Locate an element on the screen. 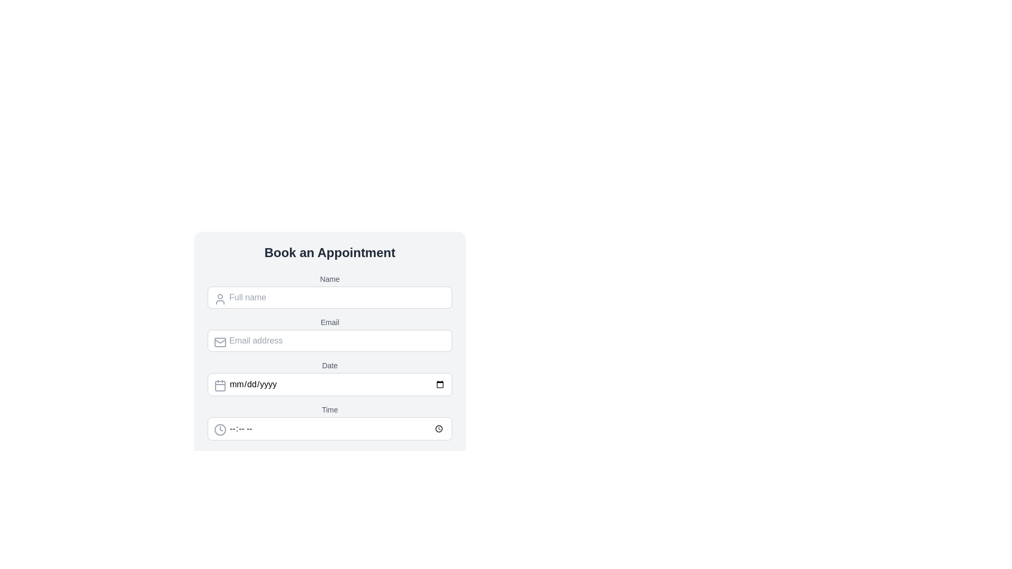 The height and width of the screenshot is (569, 1012). the Text Label that provides context for the Email input field, located above the Email address input field in the form layout is located at coordinates (329, 322).